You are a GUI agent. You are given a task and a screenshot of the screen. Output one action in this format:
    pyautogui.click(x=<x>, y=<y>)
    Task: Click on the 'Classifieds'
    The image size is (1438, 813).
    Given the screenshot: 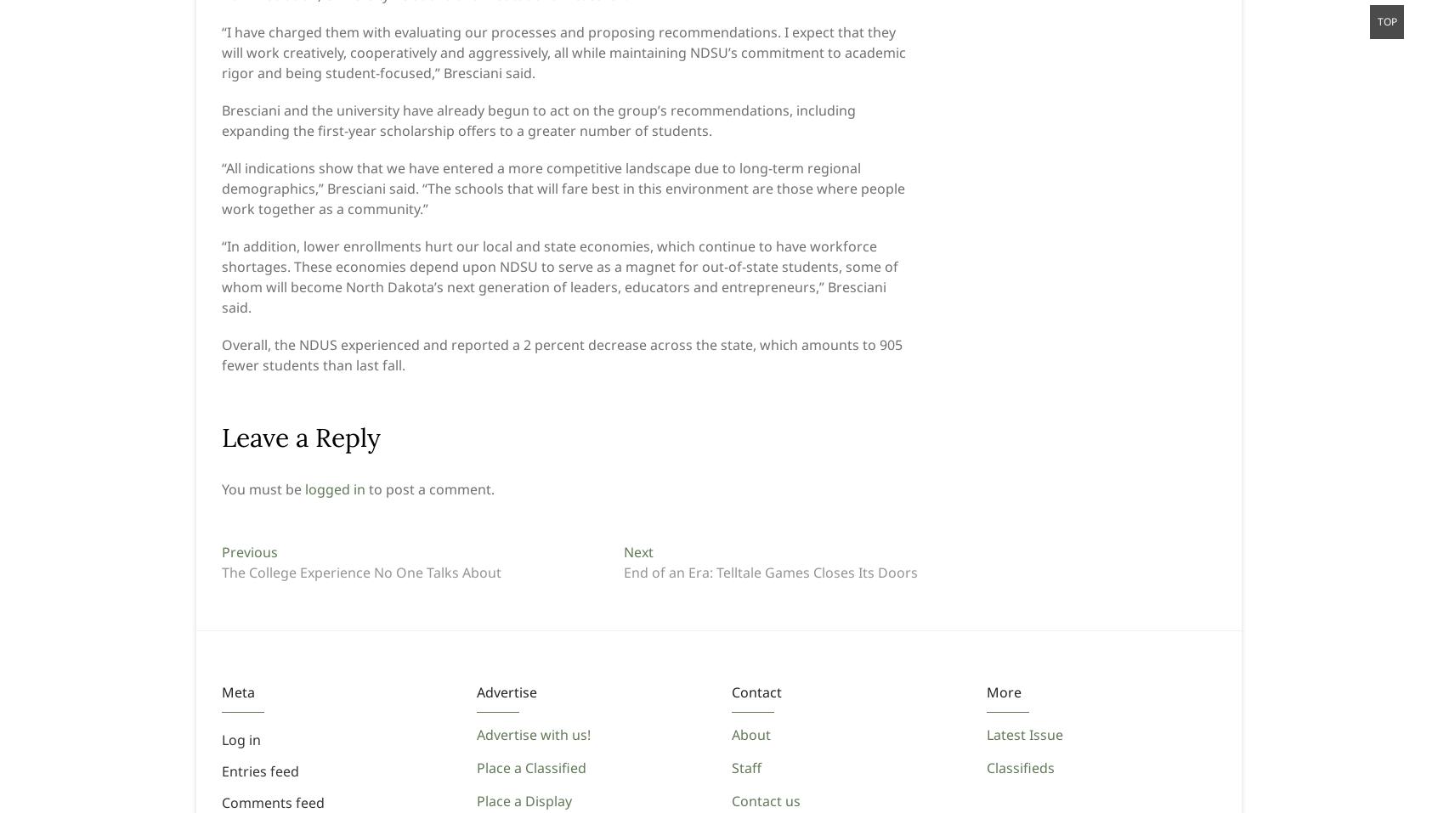 What is the action you would take?
    pyautogui.click(x=1020, y=767)
    